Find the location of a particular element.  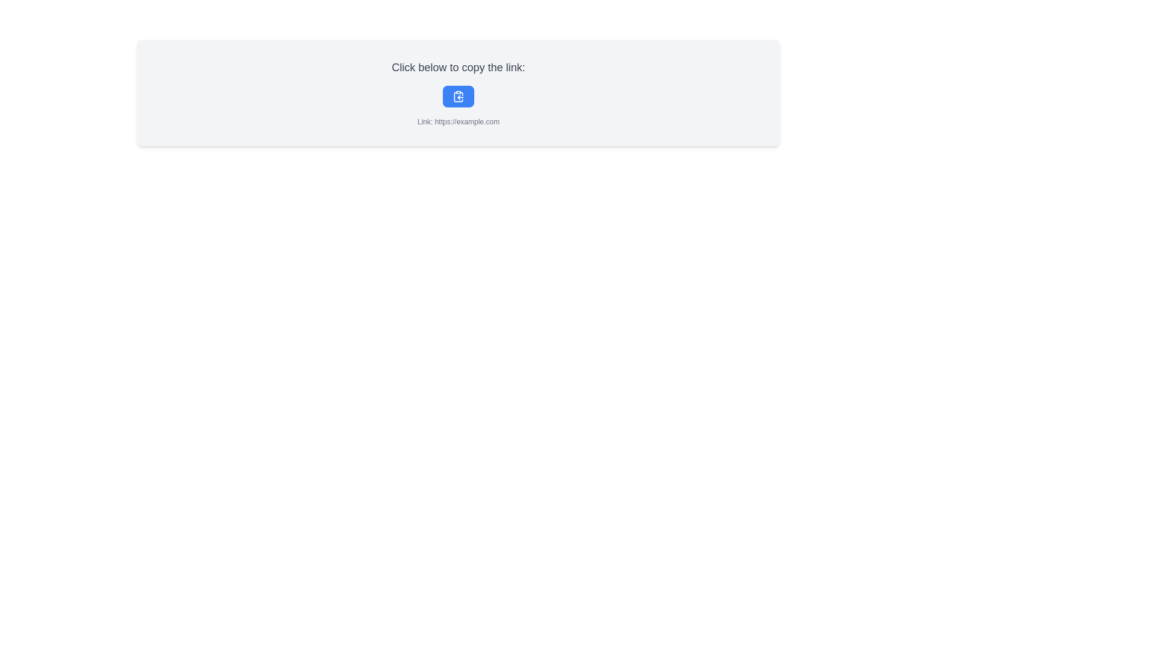

the curved line element that resembles the outline of a clipboard, located within the clipboard copy icon is located at coordinates (457, 96).